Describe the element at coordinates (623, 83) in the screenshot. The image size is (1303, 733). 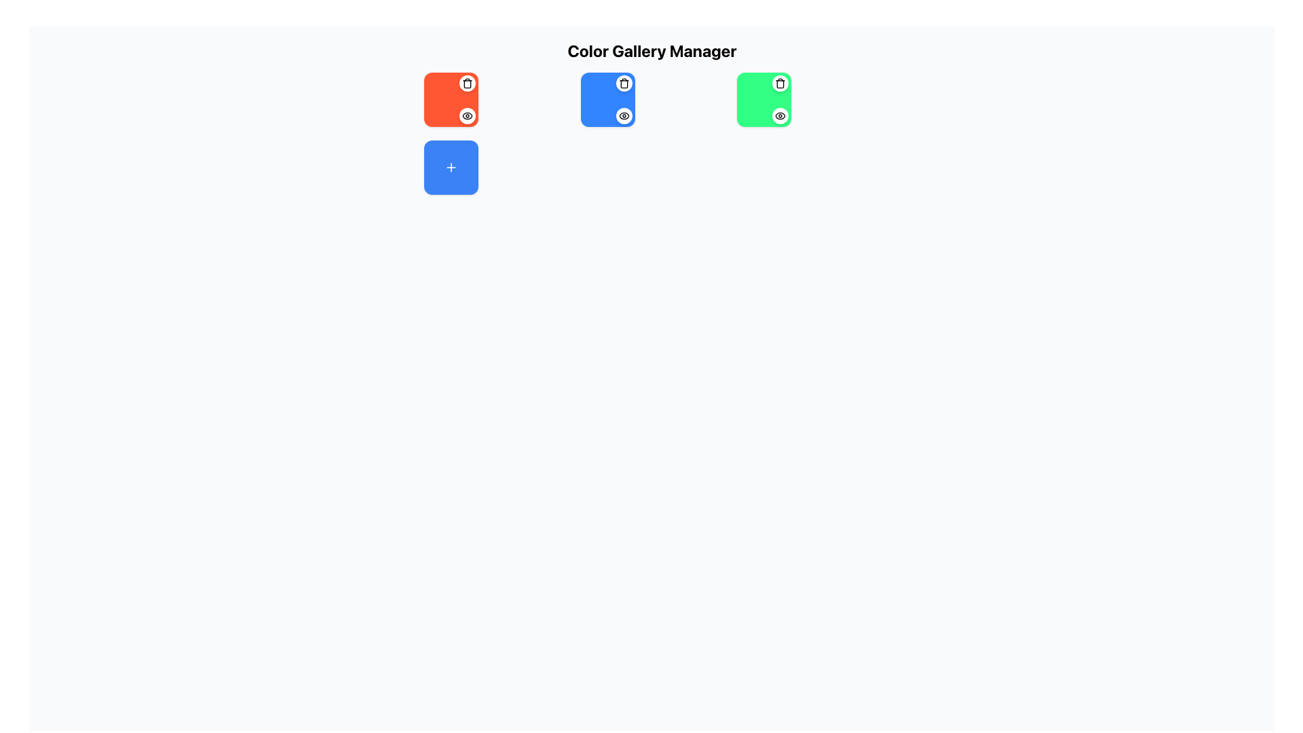
I see `the small rounded icon with a trash bin graphic at the top-right corner of the second blue card under 'Color Gallery Manager'` at that location.